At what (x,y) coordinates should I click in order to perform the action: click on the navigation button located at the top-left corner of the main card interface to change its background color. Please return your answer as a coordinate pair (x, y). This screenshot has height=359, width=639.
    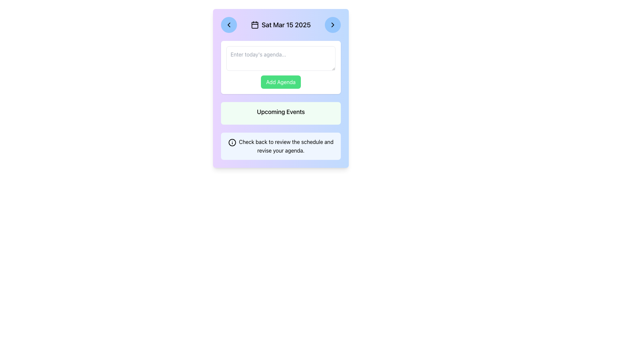
    Looking at the image, I should click on (229, 24).